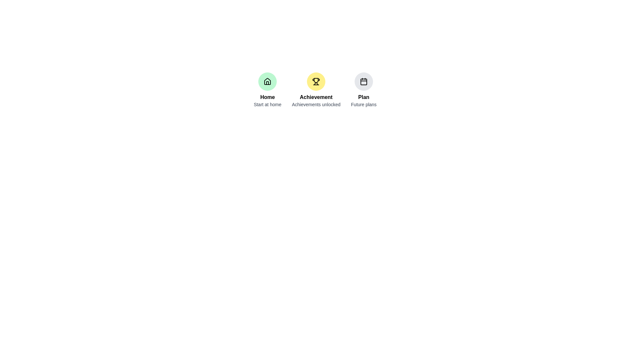  Describe the element at coordinates (363, 81) in the screenshot. I see `the calendar icon located centrally within the 'Plan Future plans' section, positioned above the text 'Plan' and 'Future plans'` at that location.